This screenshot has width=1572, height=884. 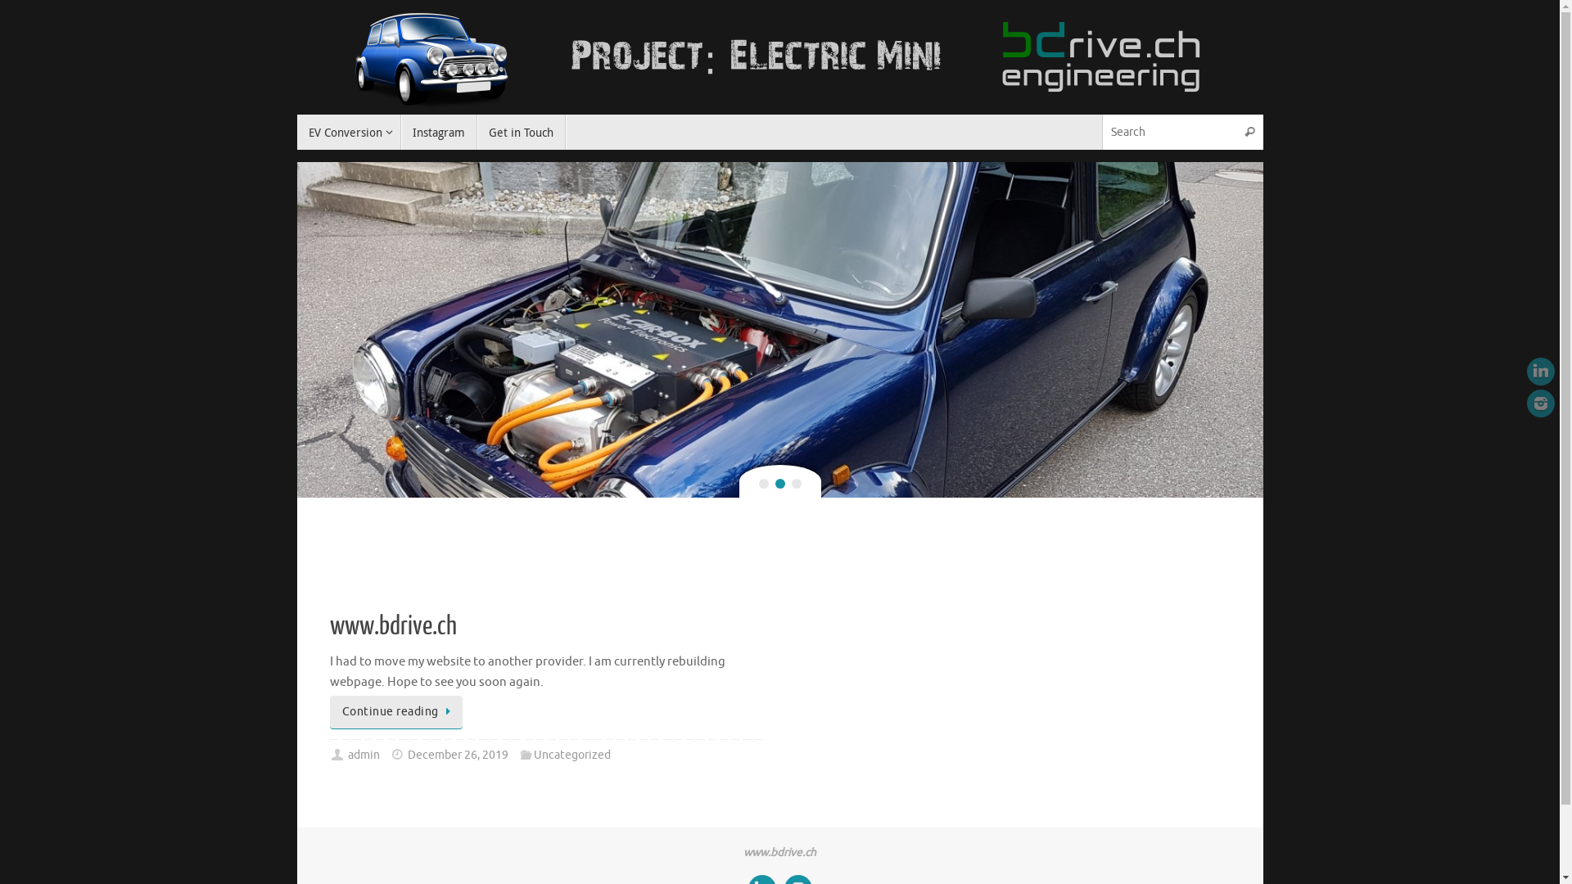 I want to click on 'Uncategorized', so click(x=572, y=755).